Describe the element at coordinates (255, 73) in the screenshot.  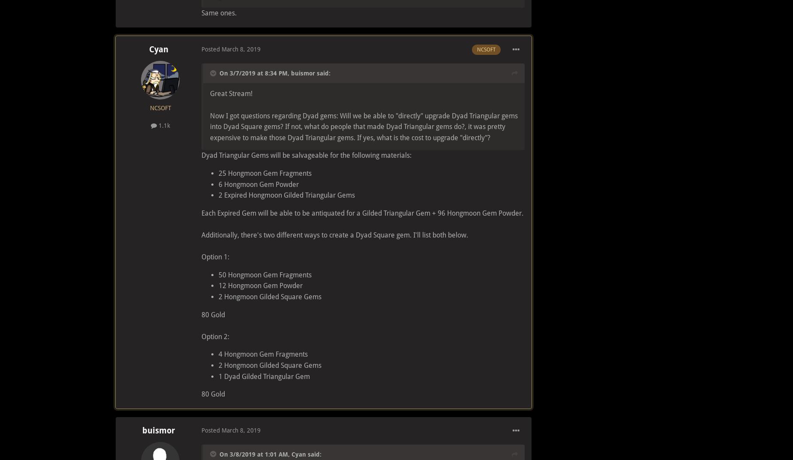
I see `'On 3/7/2019 at 8:34 PM,'` at that location.